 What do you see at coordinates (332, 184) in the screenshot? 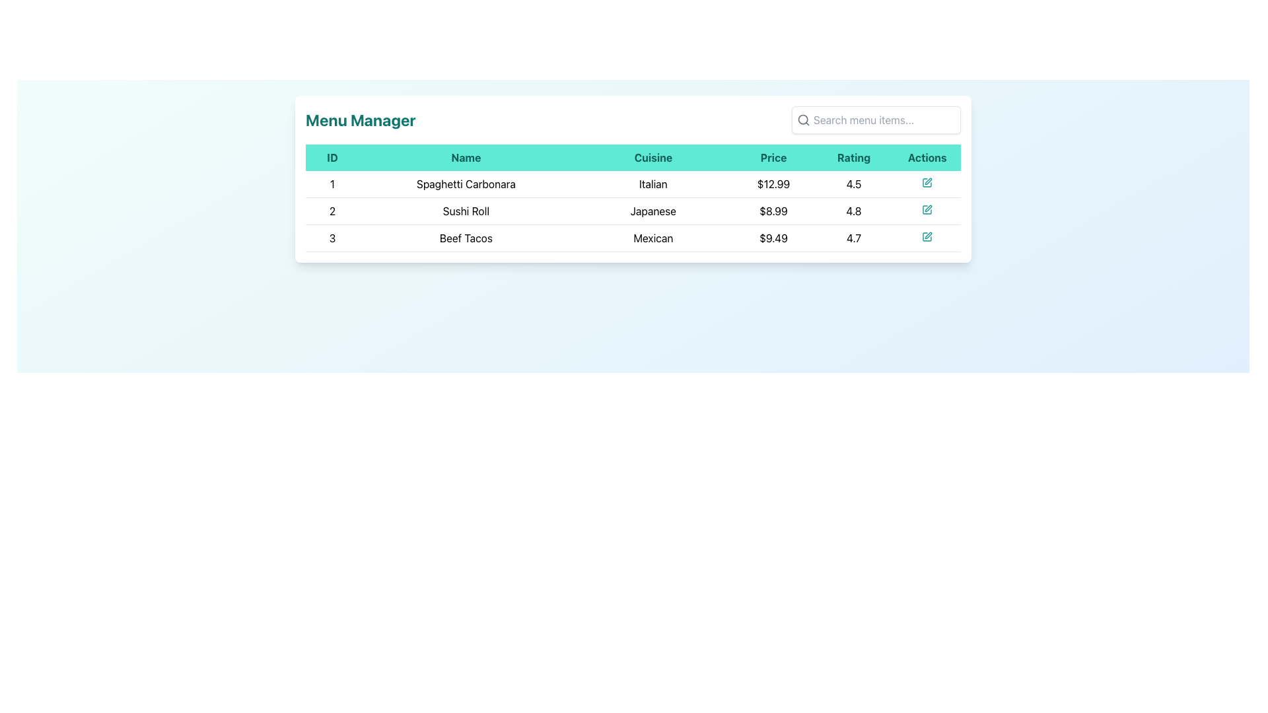
I see `text in the table cell containing the numeral '1' located in the first column under the 'ID' header, aligned with the 'Spaghetti Carbonara' row` at bounding box center [332, 184].